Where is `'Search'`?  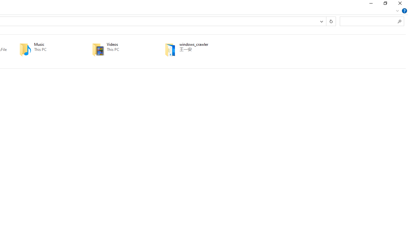 'Search' is located at coordinates (399, 21).